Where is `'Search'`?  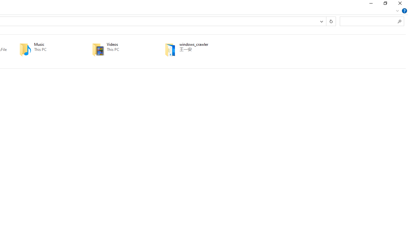 'Search' is located at coordinates (399, 21).